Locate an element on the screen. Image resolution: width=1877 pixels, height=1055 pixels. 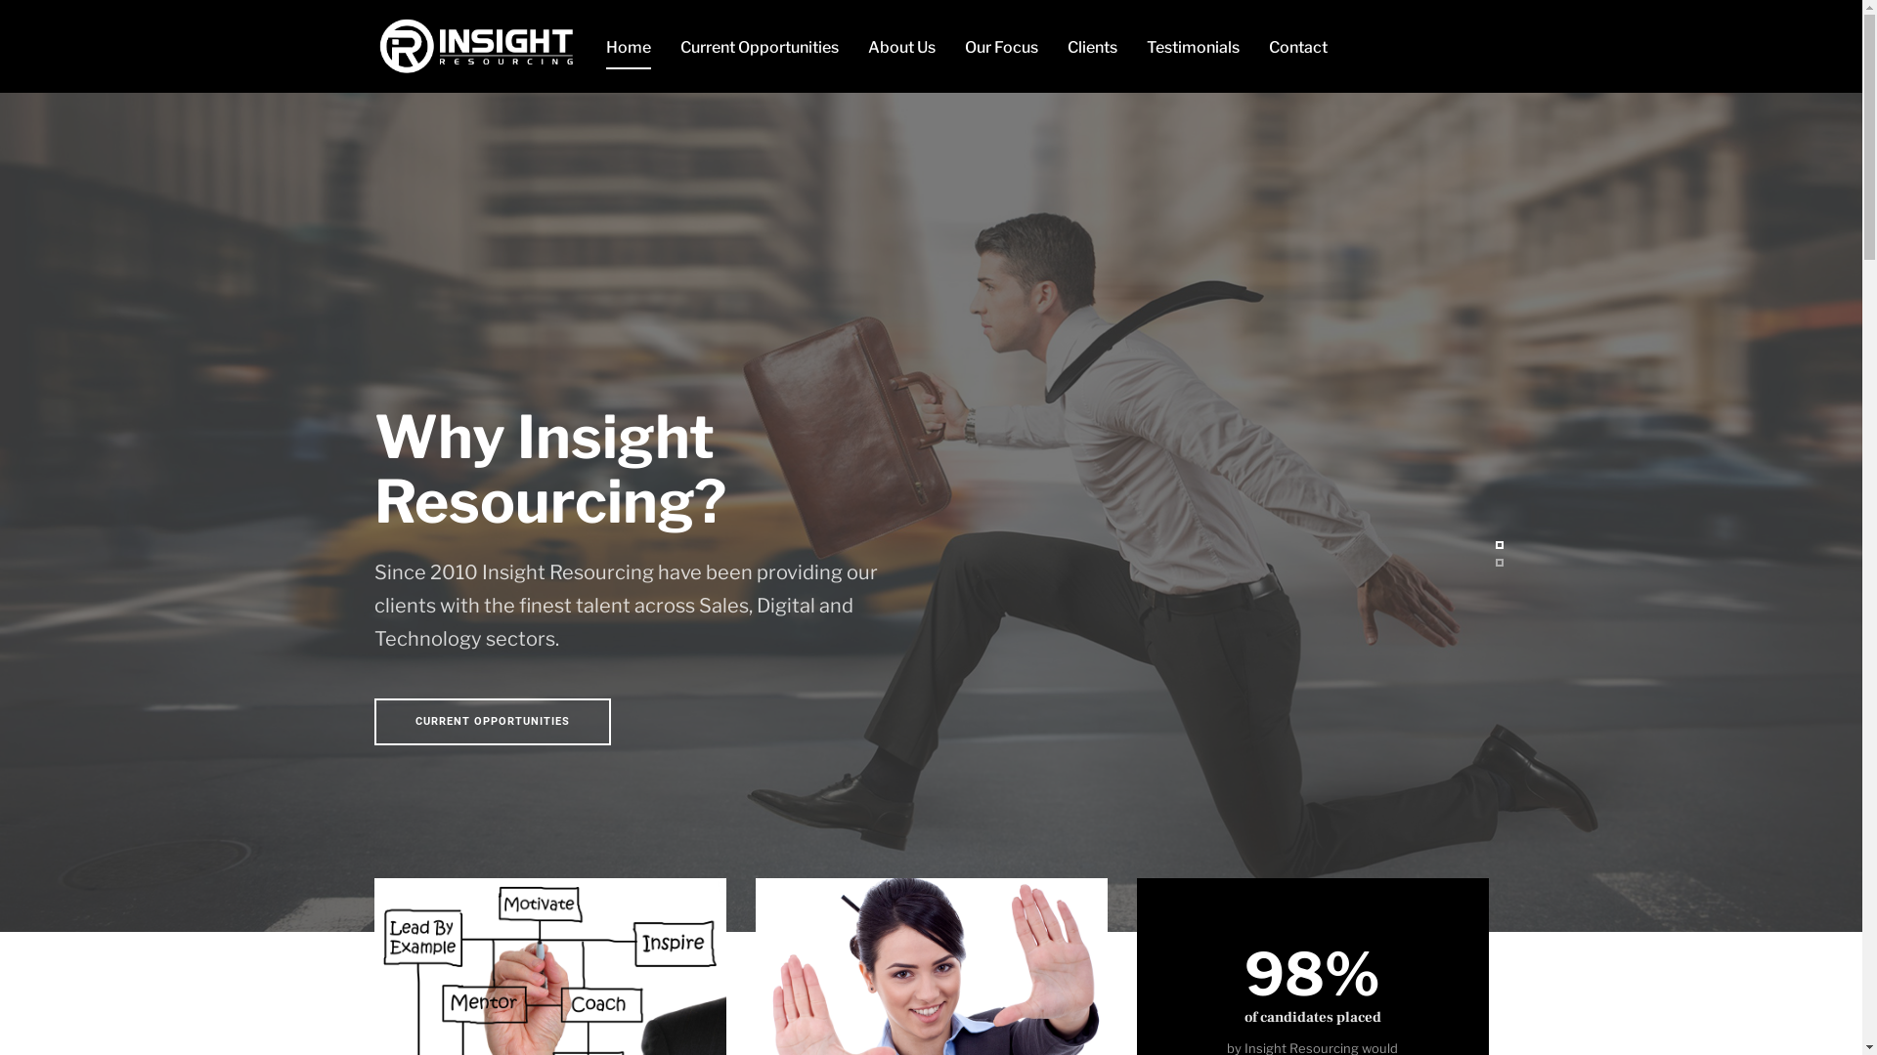
'Testimonials' is located at coordinates (1192, 45).